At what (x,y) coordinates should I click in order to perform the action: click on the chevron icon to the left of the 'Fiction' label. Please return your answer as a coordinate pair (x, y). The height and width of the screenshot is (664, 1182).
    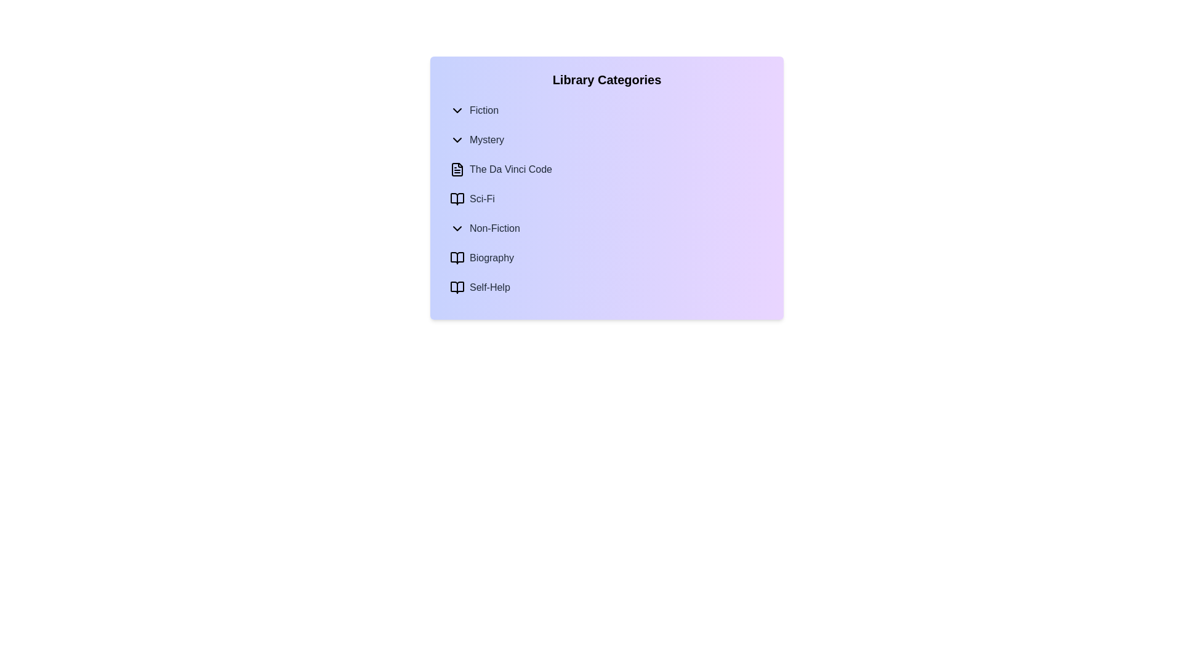
    Looking at the image, I should click on (457, 111).